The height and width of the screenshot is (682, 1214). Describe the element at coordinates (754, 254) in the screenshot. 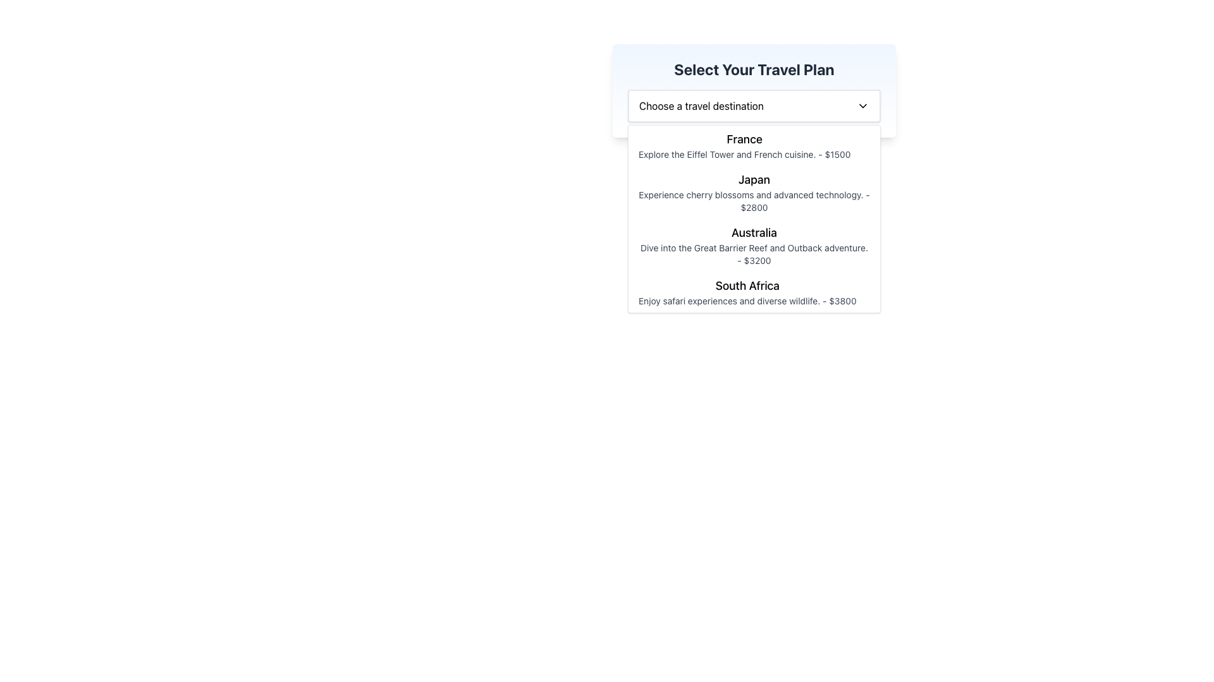

I see `the text block that reads 'Dive into the Great Barrier Reef and Outback adventure. - $3200.' which is styled with a small gray font and positioned below the heading 'Australia' in the dropdown selection box` at that location.